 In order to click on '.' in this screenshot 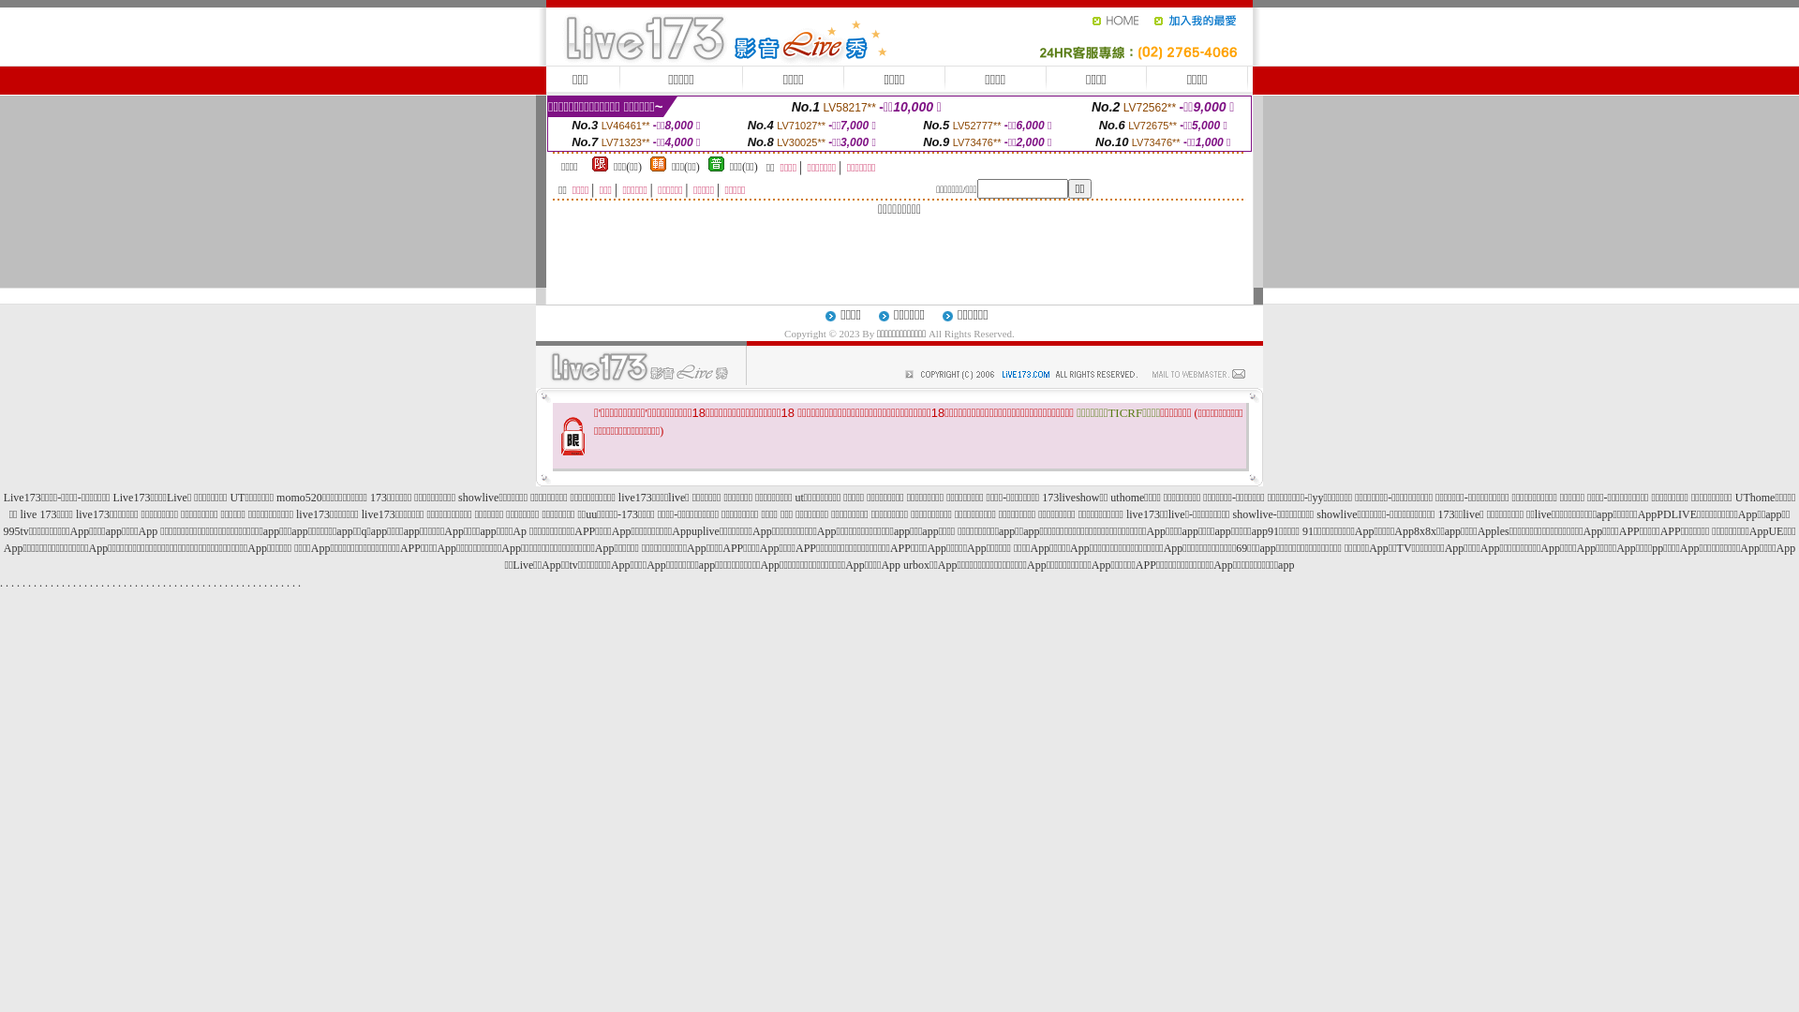, I will do `click(79, 581)`.